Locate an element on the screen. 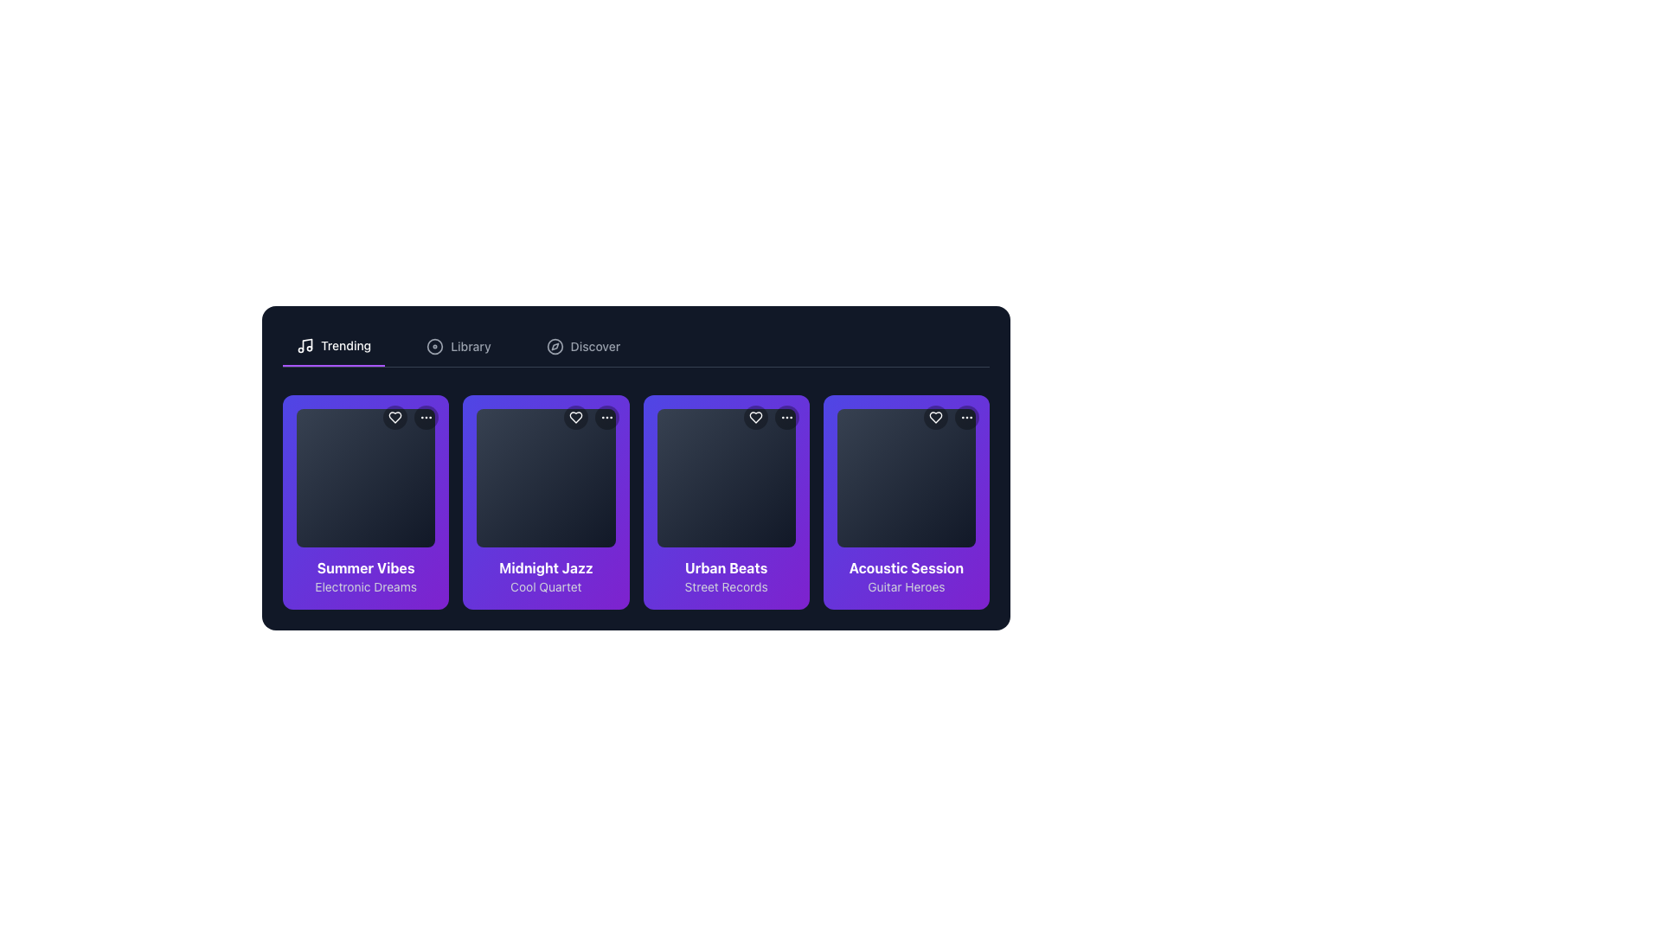 Image resolution: width=1661 pixels, height=934 pixels. the heart-shaped button icon located in the top-right corner of the first media card in a horizontal list is located at coordinates (394, 417).